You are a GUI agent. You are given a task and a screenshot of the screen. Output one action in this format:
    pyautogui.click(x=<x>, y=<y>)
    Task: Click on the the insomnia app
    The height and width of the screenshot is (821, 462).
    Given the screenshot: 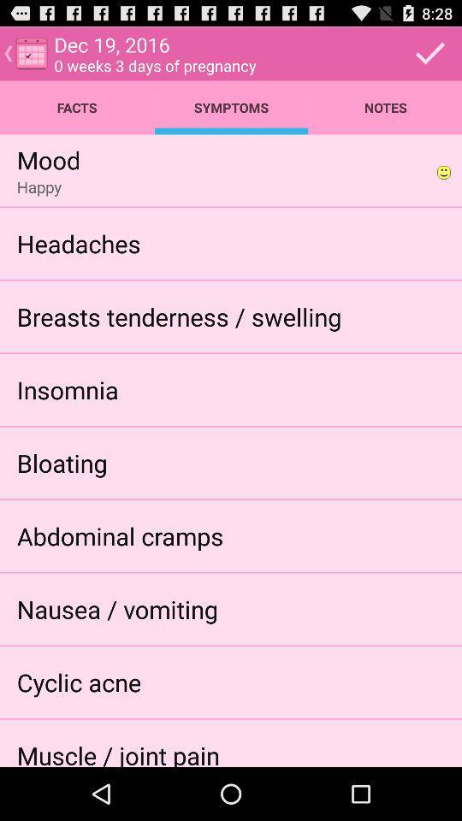 What is the action you would take?
    pyautogui.click(x=67, y=389)
    